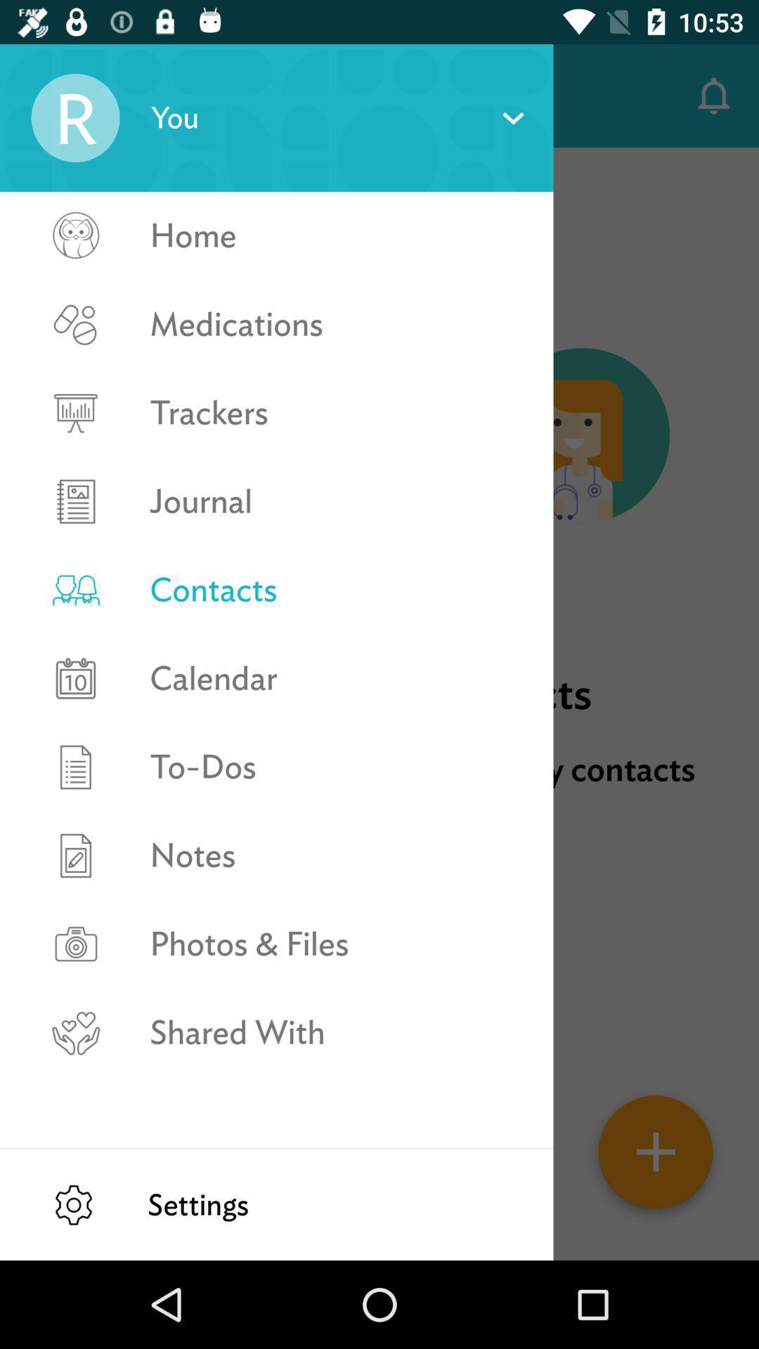 This screenshot has height=1349, width=759. Describe the element at coordinates (337, 235) in the screenshot. I see `the home item` at that location.